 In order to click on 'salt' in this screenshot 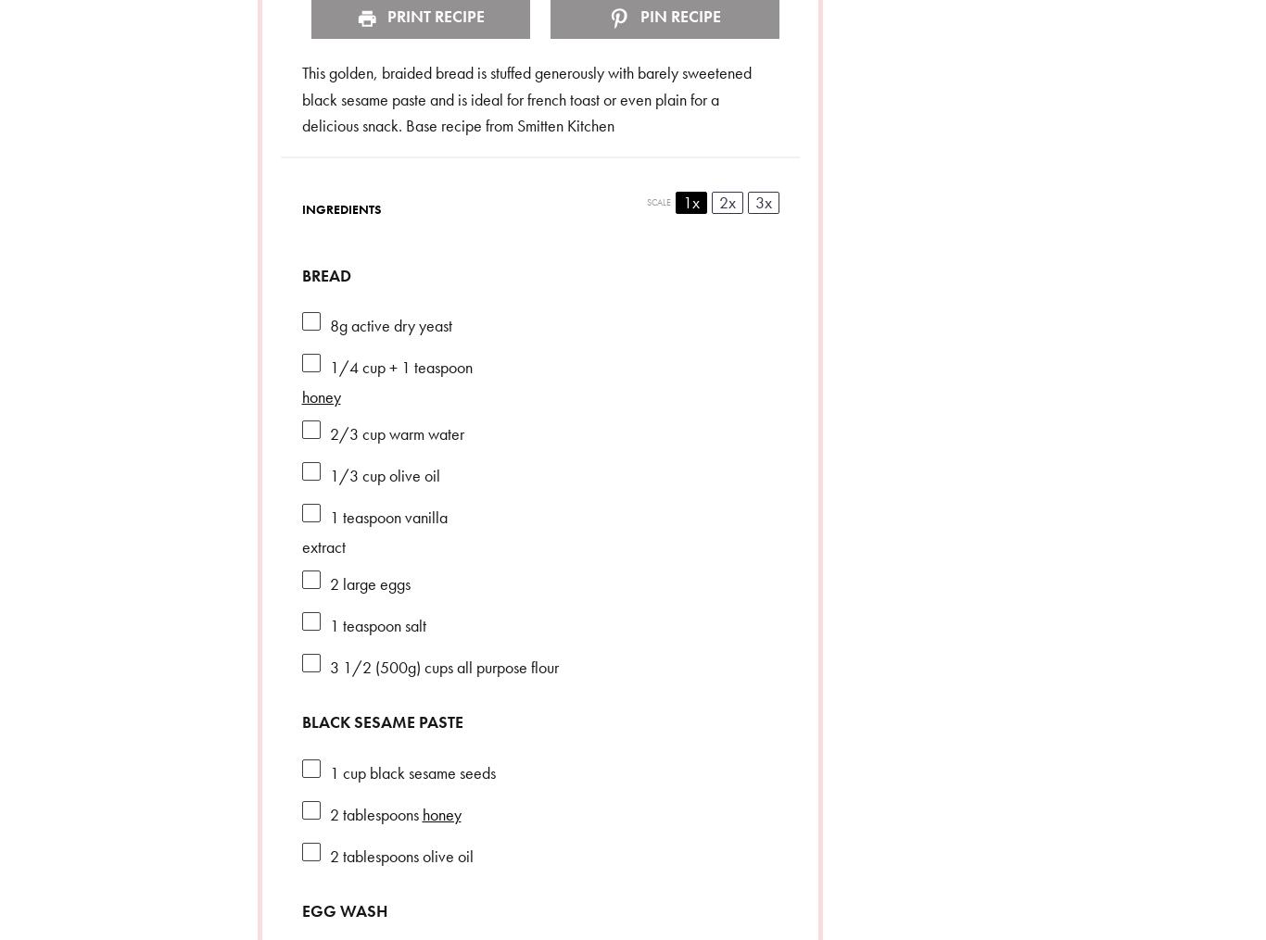, I will do `click(399, 624)`.